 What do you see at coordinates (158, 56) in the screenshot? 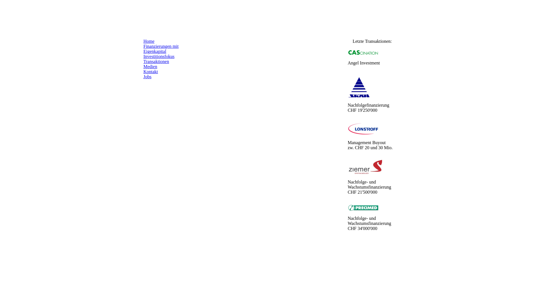
I see `'Investitionsfokus'` at bounding box center [158, 56].